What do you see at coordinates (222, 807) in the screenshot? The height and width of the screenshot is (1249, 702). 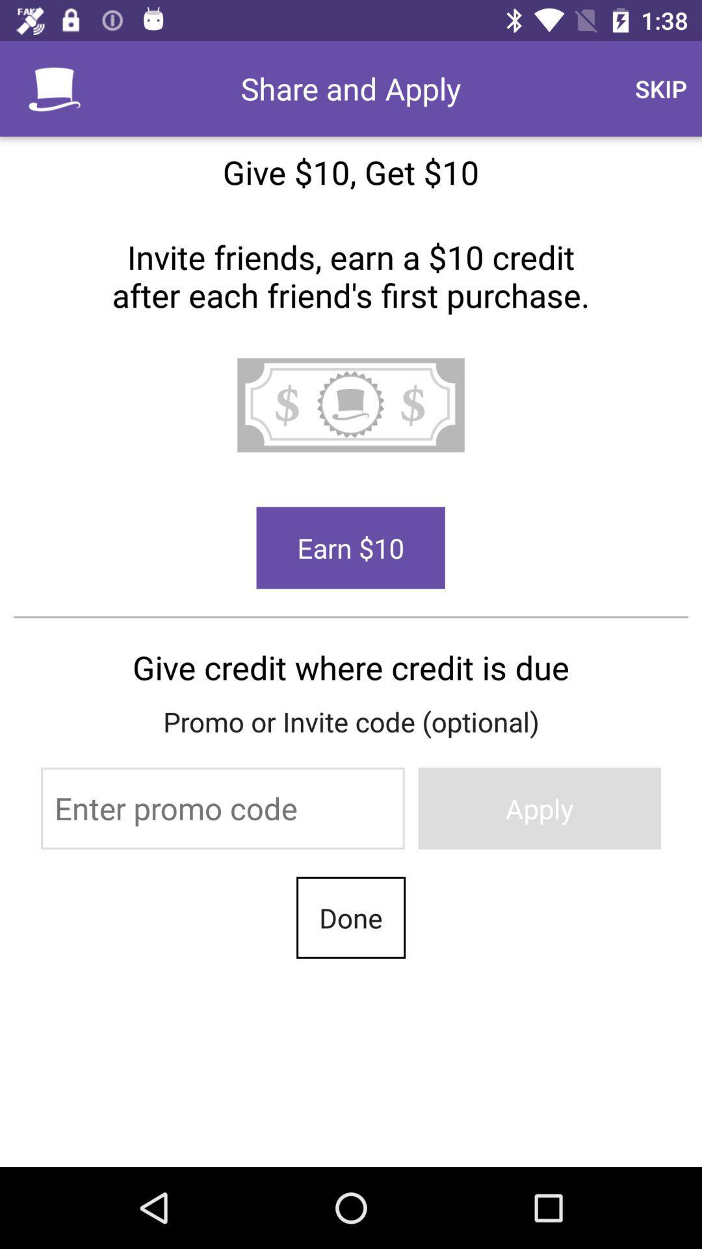 I see `icon above the done` at bounding box center [222, 807].